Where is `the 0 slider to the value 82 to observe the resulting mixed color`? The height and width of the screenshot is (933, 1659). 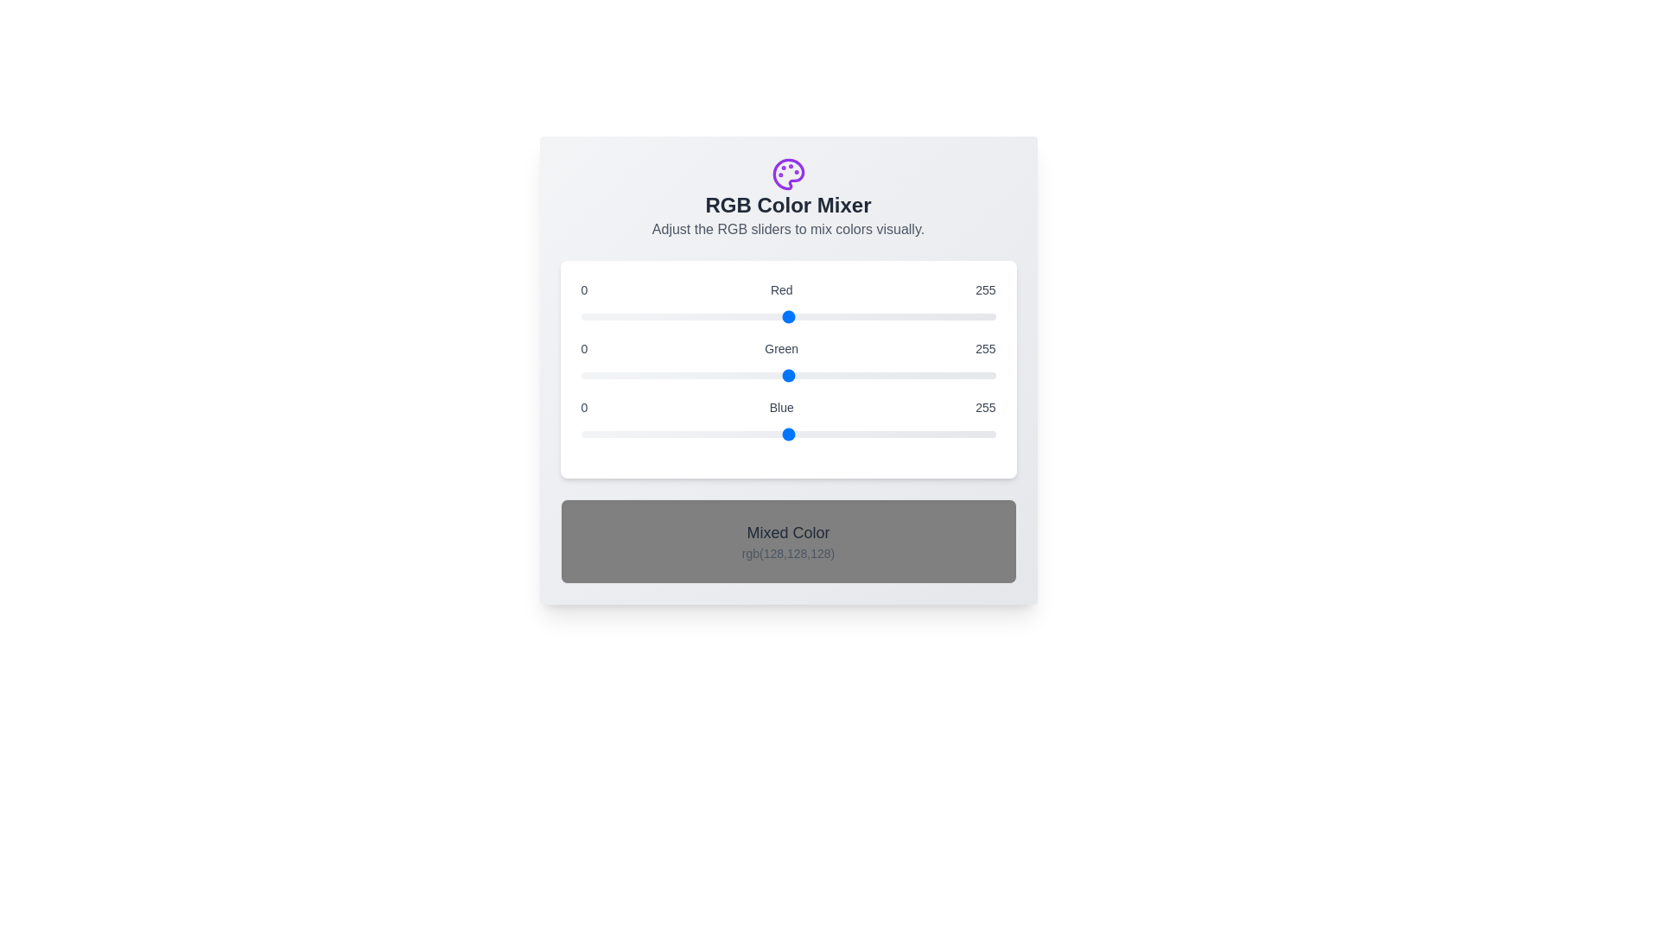 the 0 slider to the value 82 to observe the resulting mixed color is located at coordinates (787, 316).